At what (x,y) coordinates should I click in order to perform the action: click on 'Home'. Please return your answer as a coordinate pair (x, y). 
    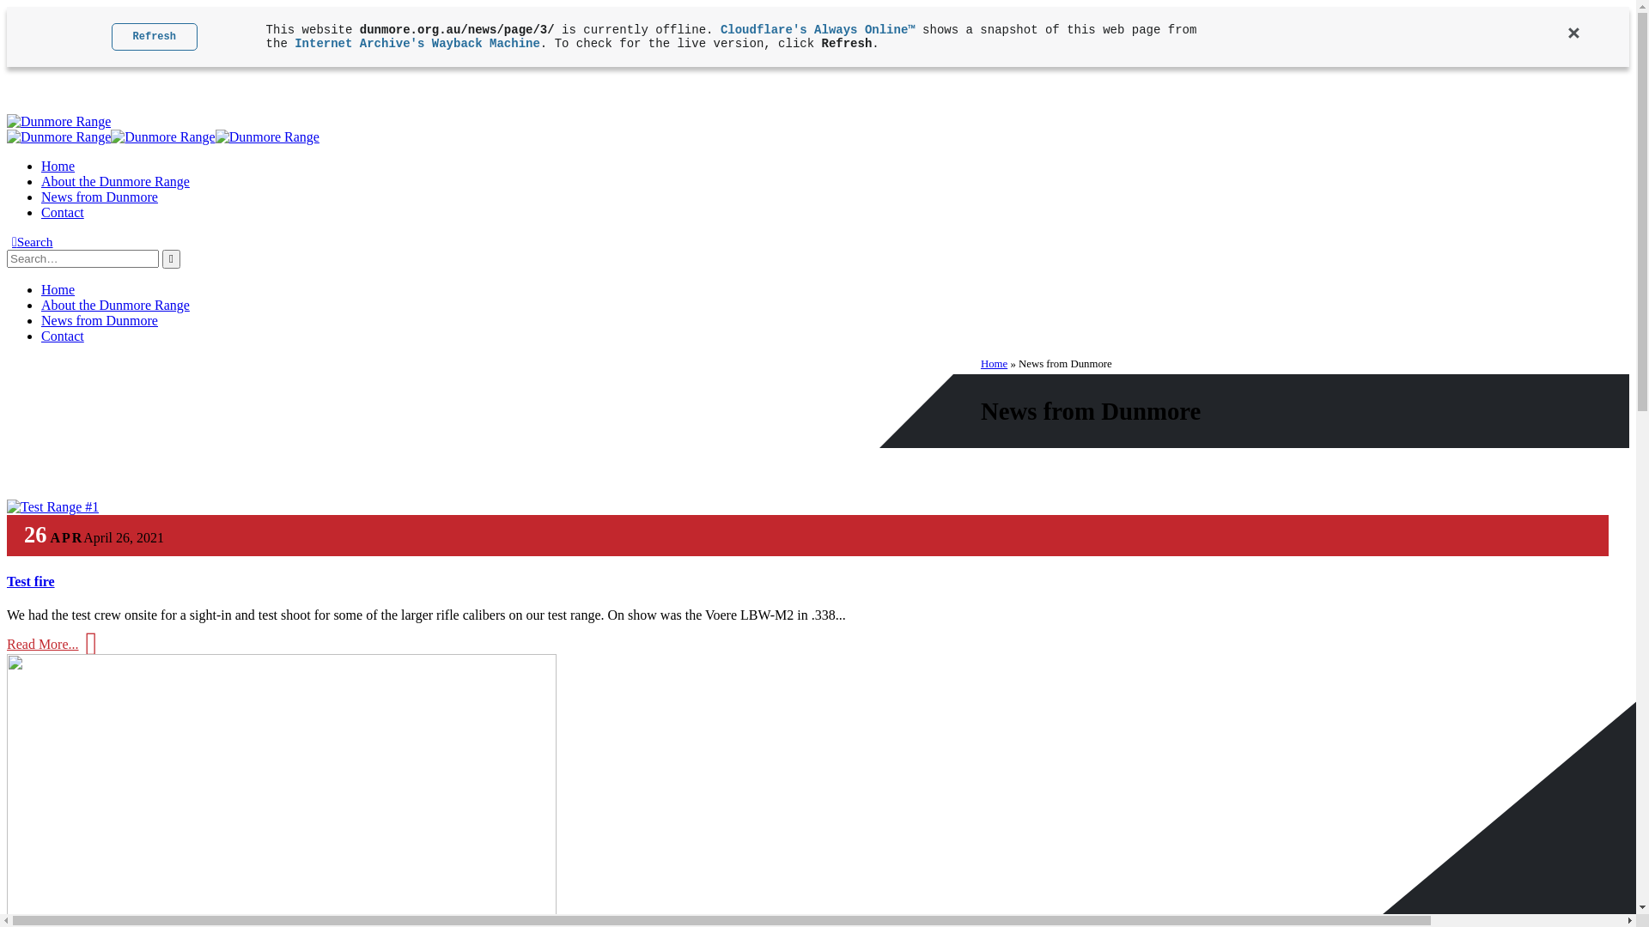
    Looking at the image, I should click on (58, 166).